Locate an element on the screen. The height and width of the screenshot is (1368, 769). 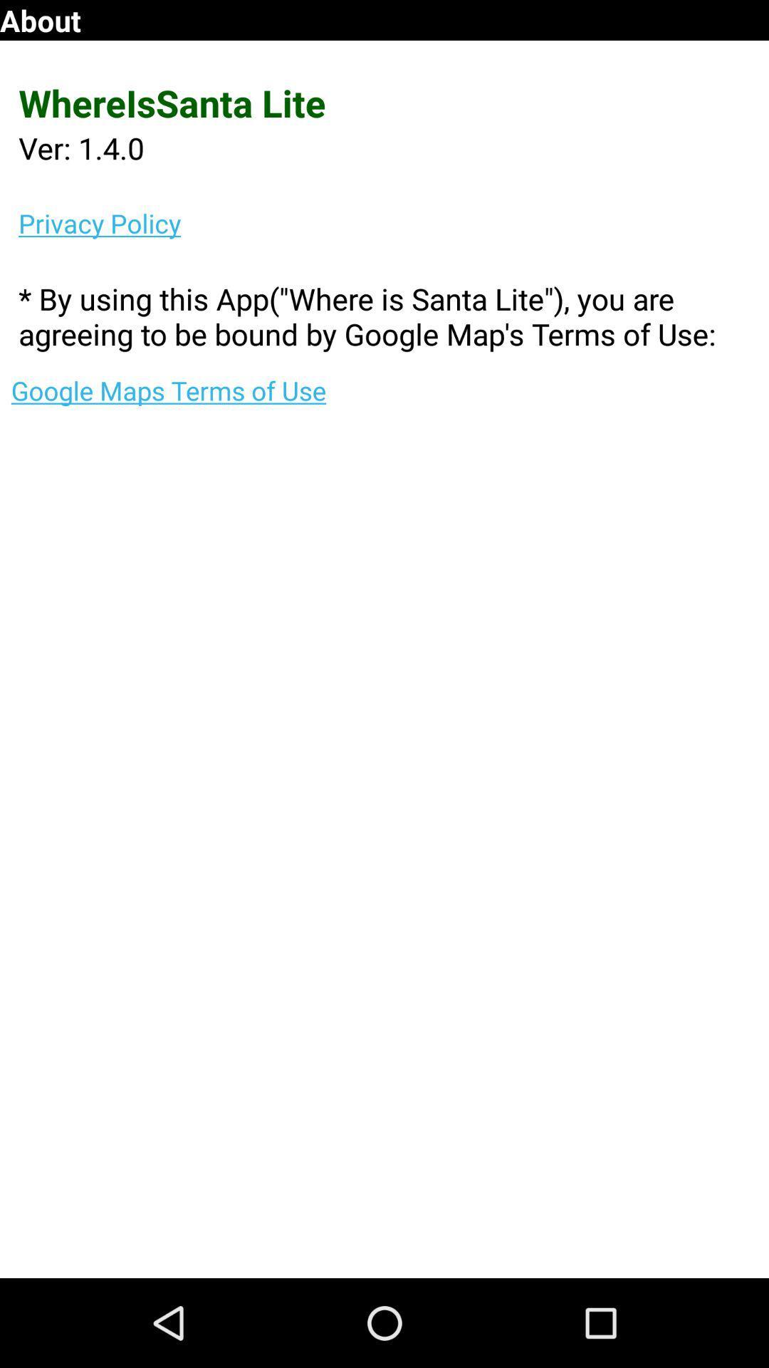
the app below ver 1 4 is located at coordinates (394, 222).